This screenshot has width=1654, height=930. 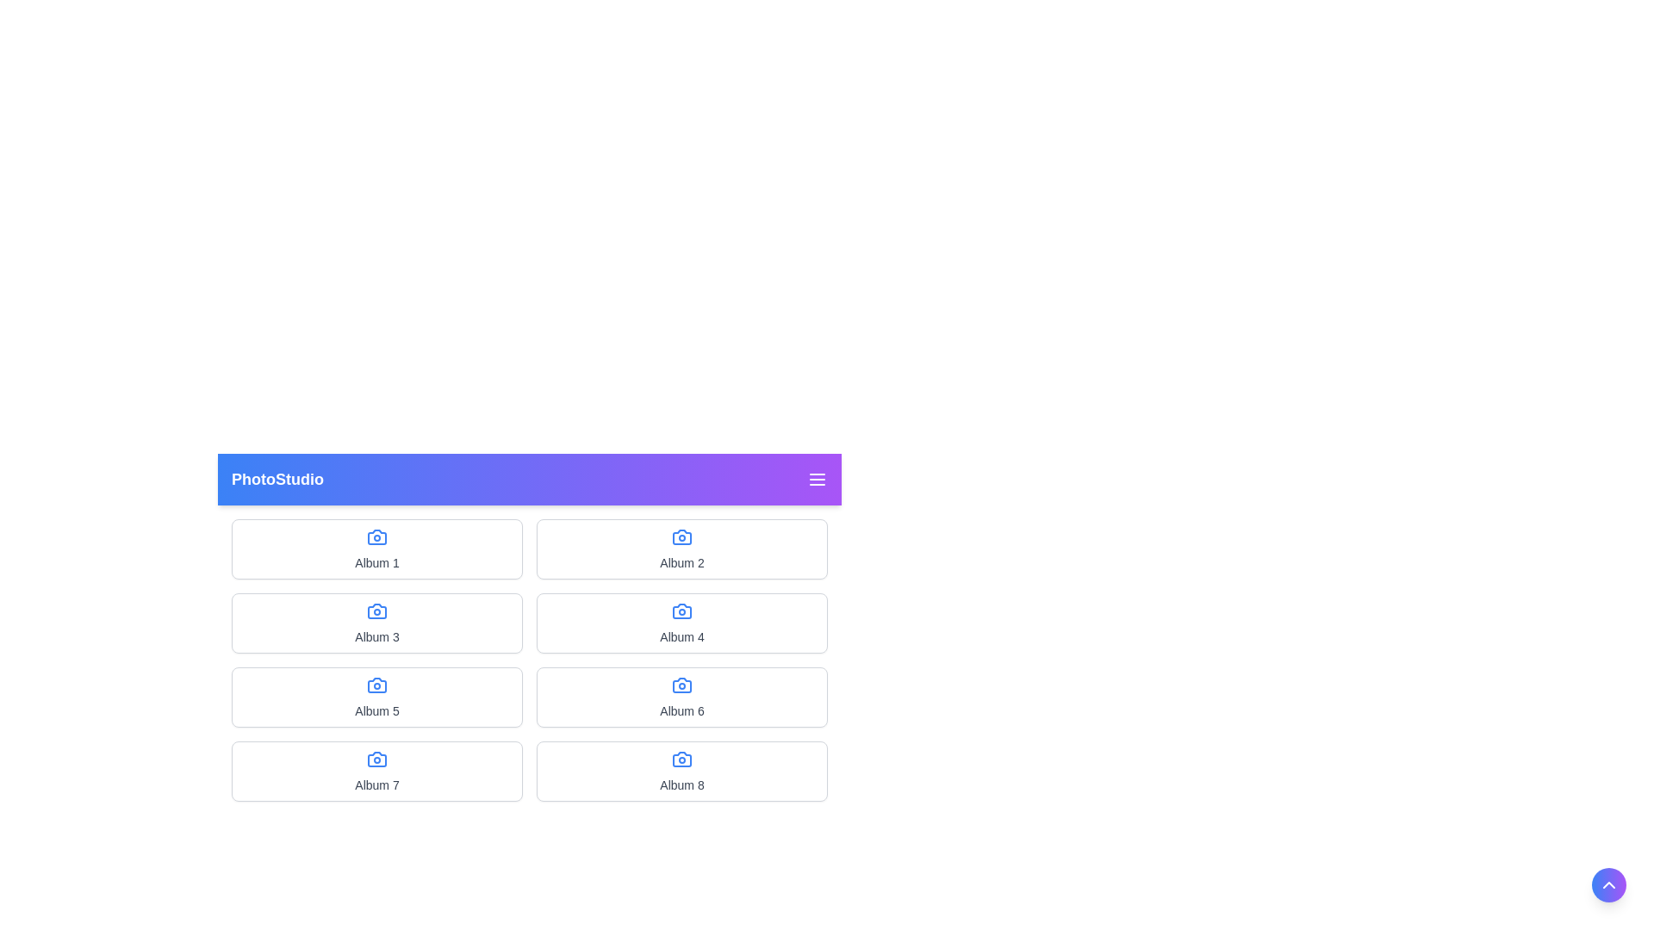 I want to click on the rectangular card labeled 'Album 3' that contains a blue camera icon and a gray text label, positioned in the second row and first column of the grid layout, so click(x=376, y=623).